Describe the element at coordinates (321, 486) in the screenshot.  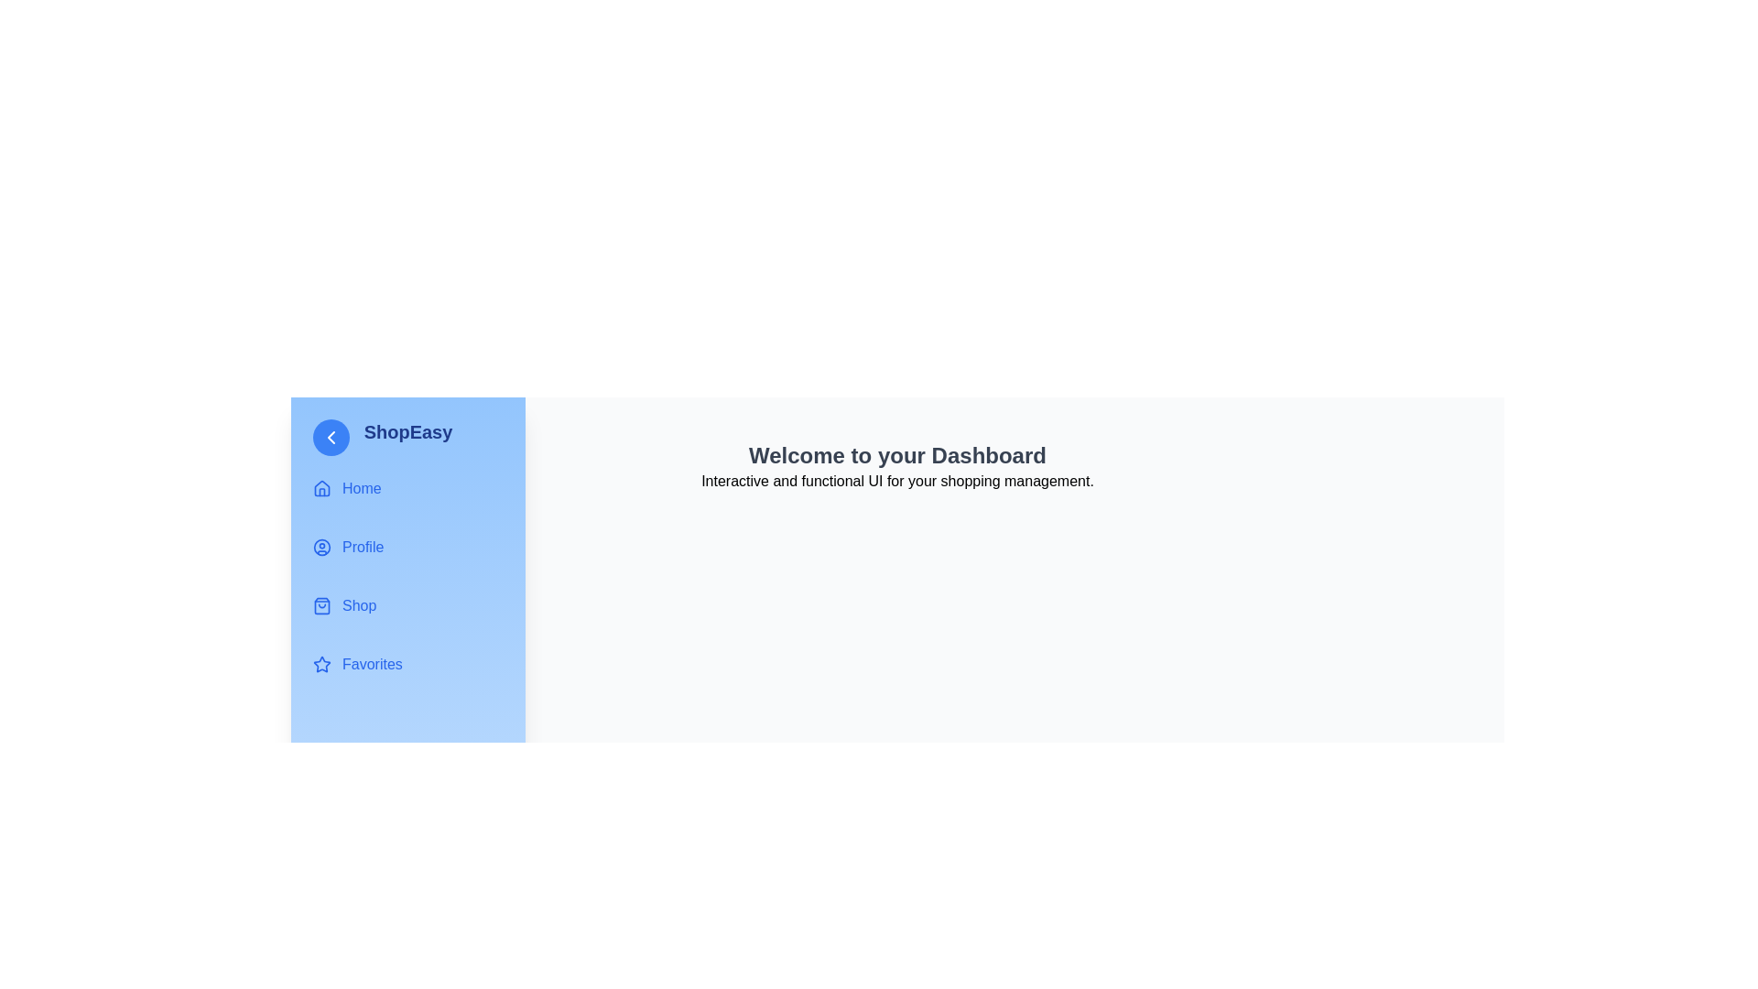
I see `the stylized blue house icon located in the sidebar, which represents the 'Home' menu item, positioned below the 'ShopEasy' header` at that location.